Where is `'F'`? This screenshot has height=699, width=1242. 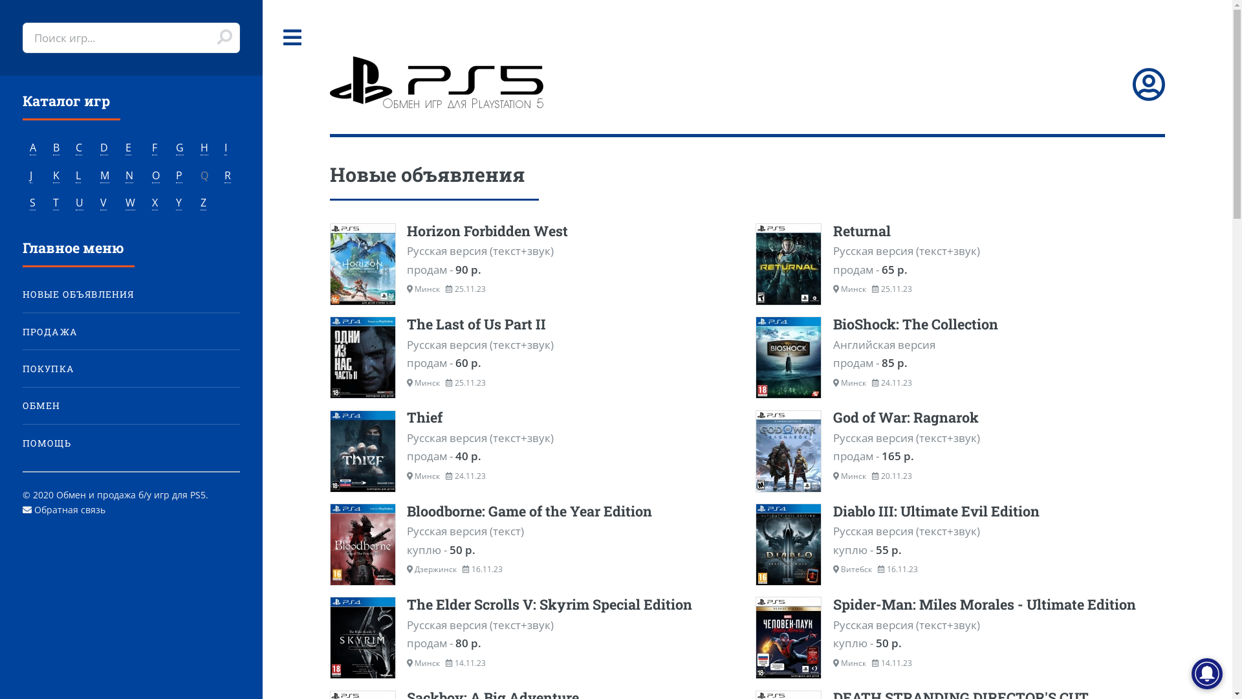 'F' is located at coordinates (155, 147).